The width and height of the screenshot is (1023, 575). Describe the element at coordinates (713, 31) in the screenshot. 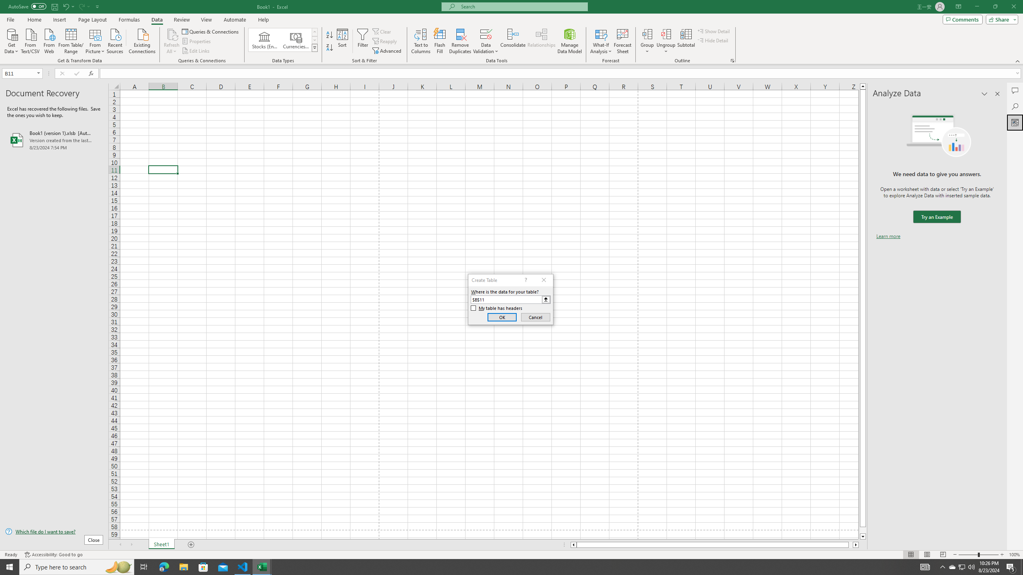

I see `'Show Detail'` at that location.